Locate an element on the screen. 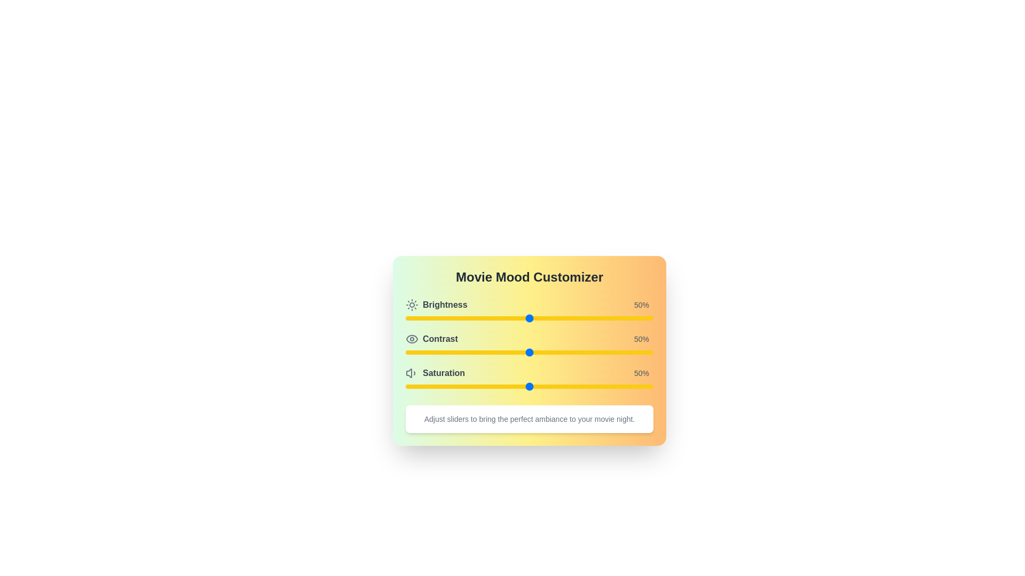  the contrast level is located at coordinates (433, 352).